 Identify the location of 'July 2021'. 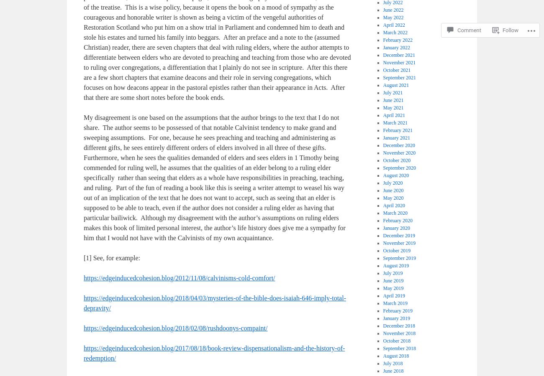
(393, 93).